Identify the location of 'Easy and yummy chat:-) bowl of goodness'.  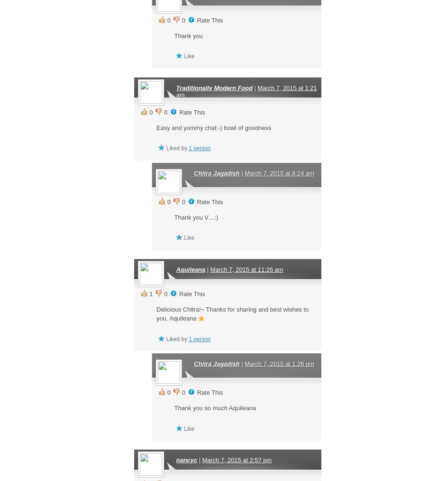
(213, 127).